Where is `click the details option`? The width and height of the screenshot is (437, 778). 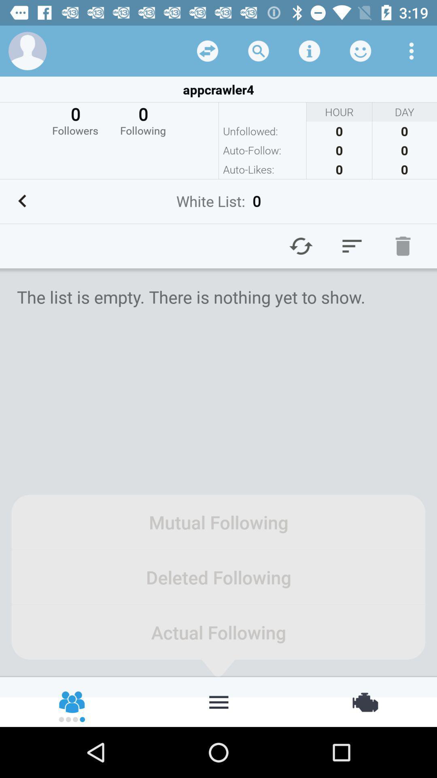
click the details option is located at coordinates (309, 50).